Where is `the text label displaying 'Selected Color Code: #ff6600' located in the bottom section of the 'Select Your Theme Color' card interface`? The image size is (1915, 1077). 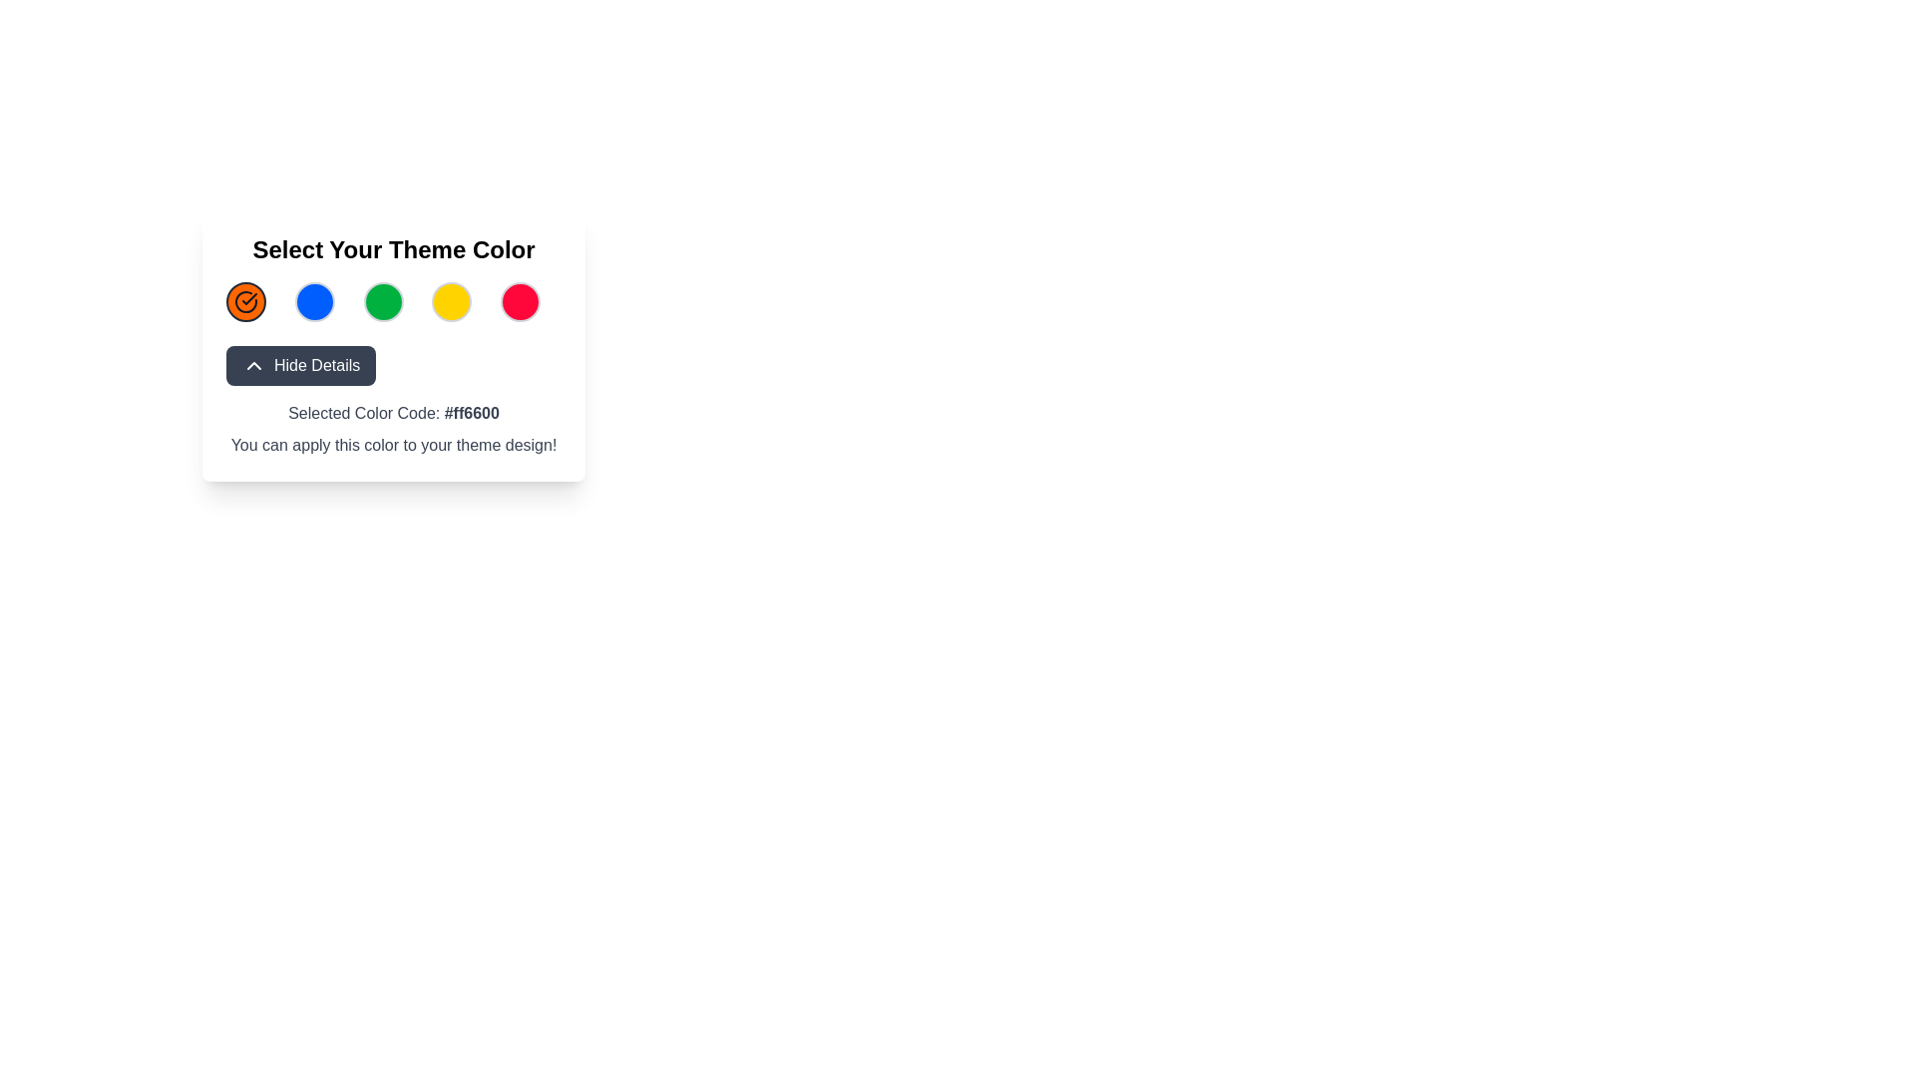
the text label displaying 'Selected Color Code: #ff6600' located in the bottom section of the 'Select Your Theme Color' card interface is located at coordinates (393, 413).